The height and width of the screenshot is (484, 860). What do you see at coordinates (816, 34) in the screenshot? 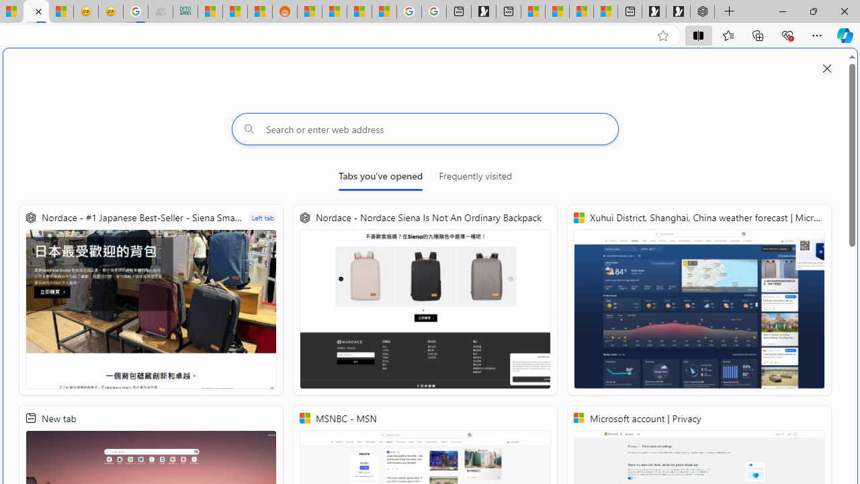
I see `'Settings and more (Alt+F)'` at bounding box center [816, 34].